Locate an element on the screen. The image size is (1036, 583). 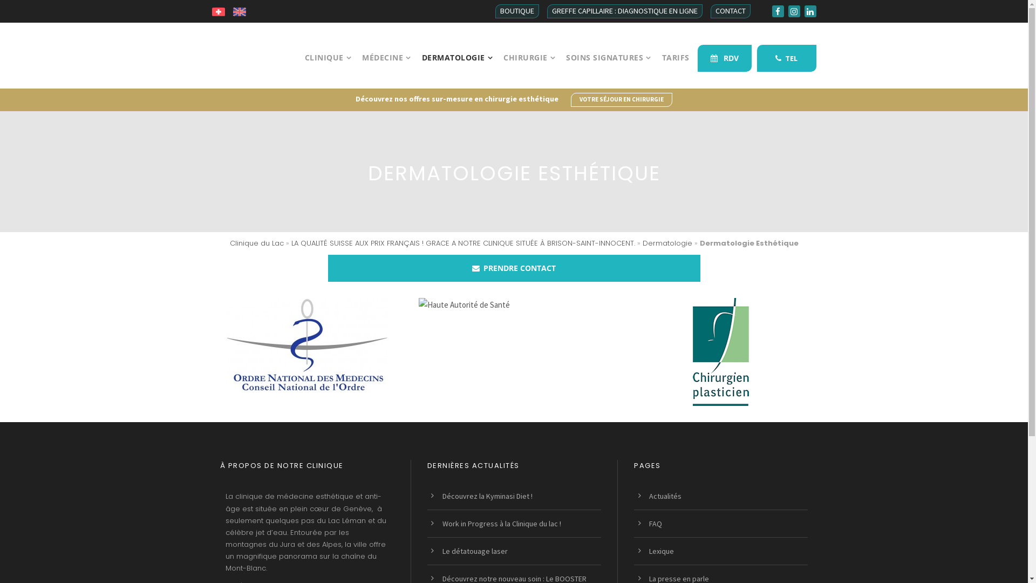
'BOUTIQUE' is located at coordinates (516, 11).